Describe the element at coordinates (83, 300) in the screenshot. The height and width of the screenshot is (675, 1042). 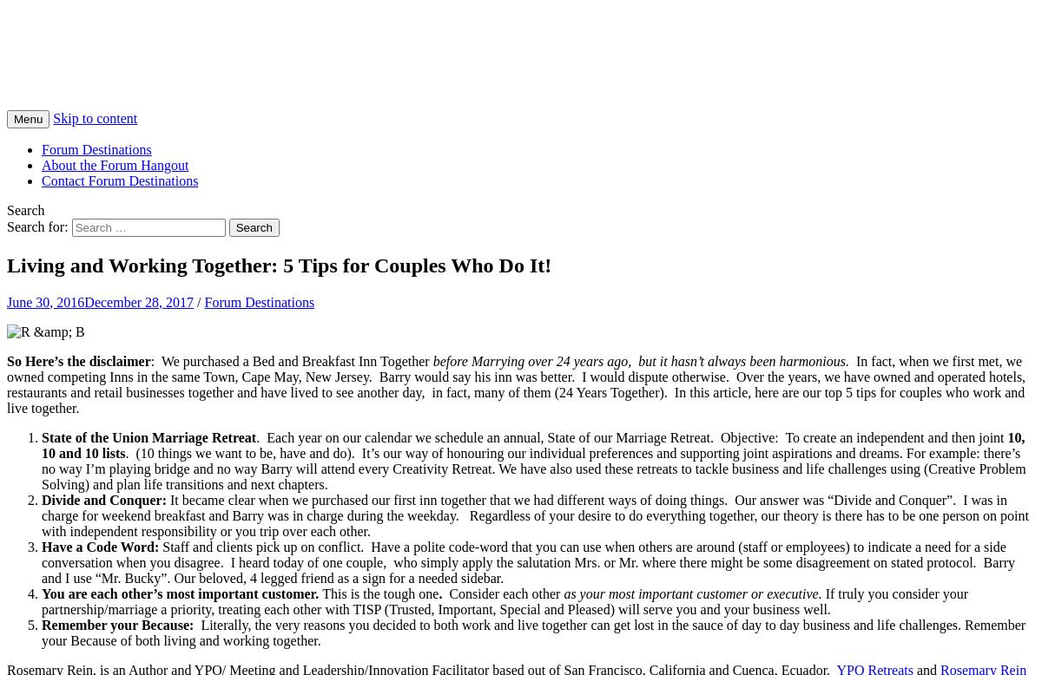
I see `'December 28, 2017'` at that location.